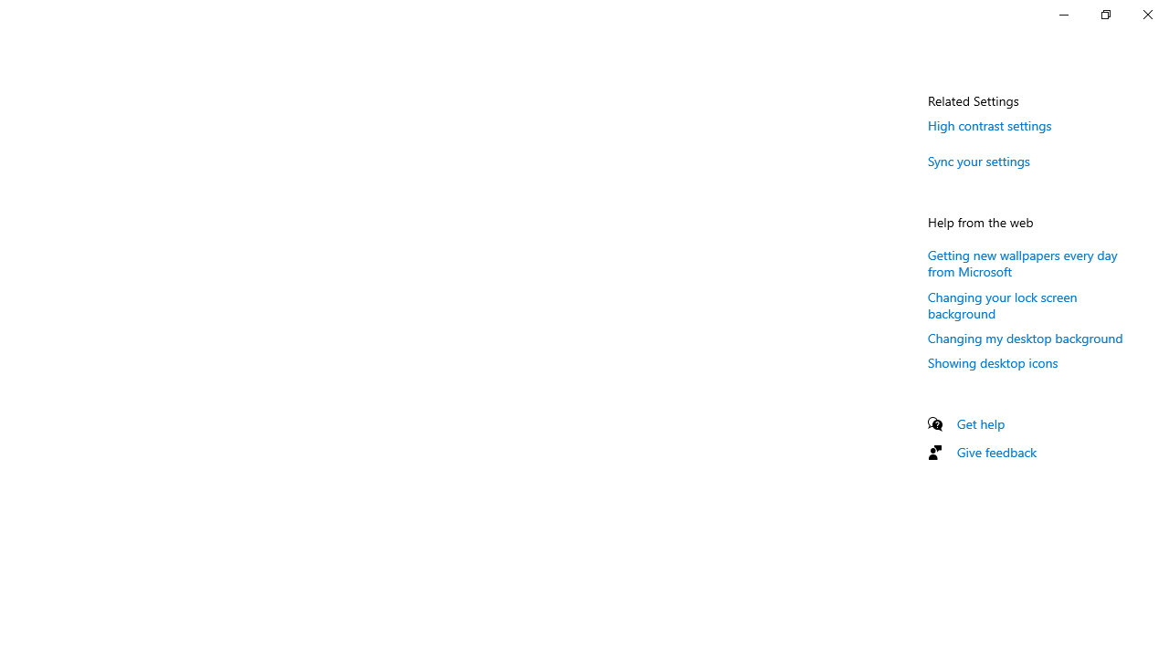  Describe the element at coordinates (1026, 338) in the screenshot. I see `'Changing my desktop background'` at that location.